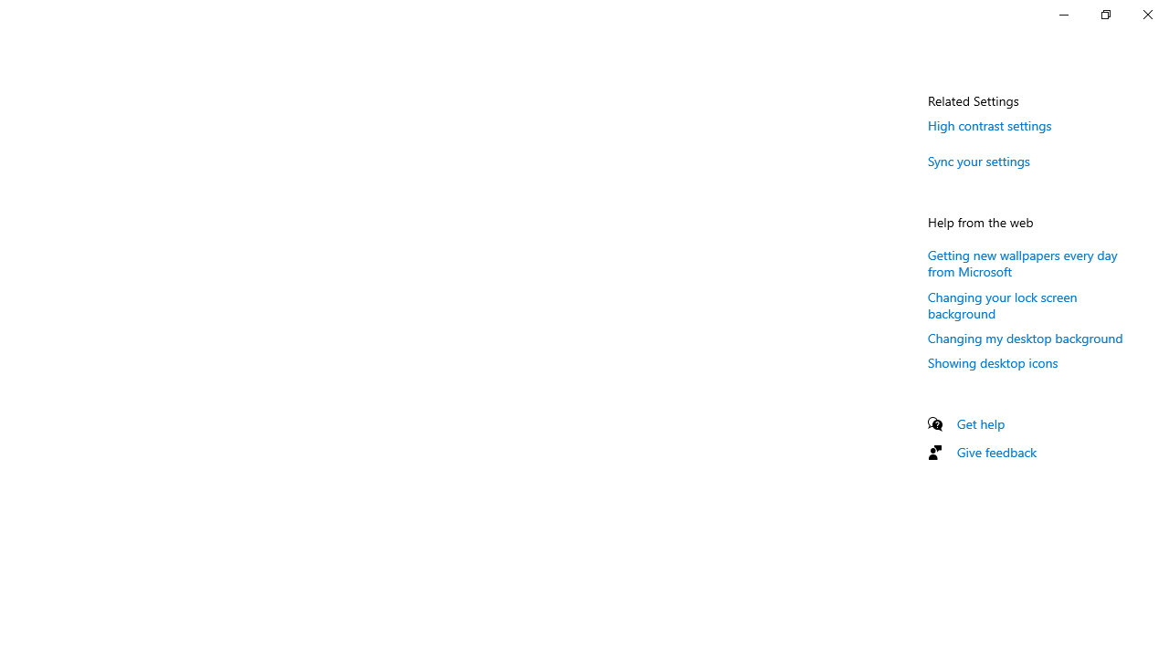  Describe the element at coordinates (1026, 338) in the screenshot. I see `'Changing my desktop background'` at that location.